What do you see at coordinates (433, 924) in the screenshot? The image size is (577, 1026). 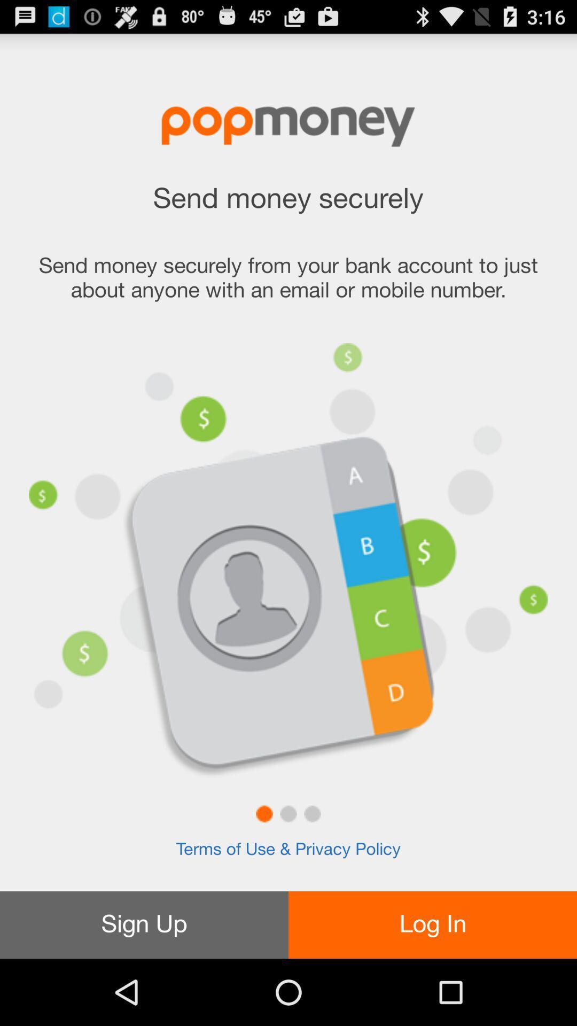 I see `the icon at the bottom right corner` at bounding box center [433, 924].